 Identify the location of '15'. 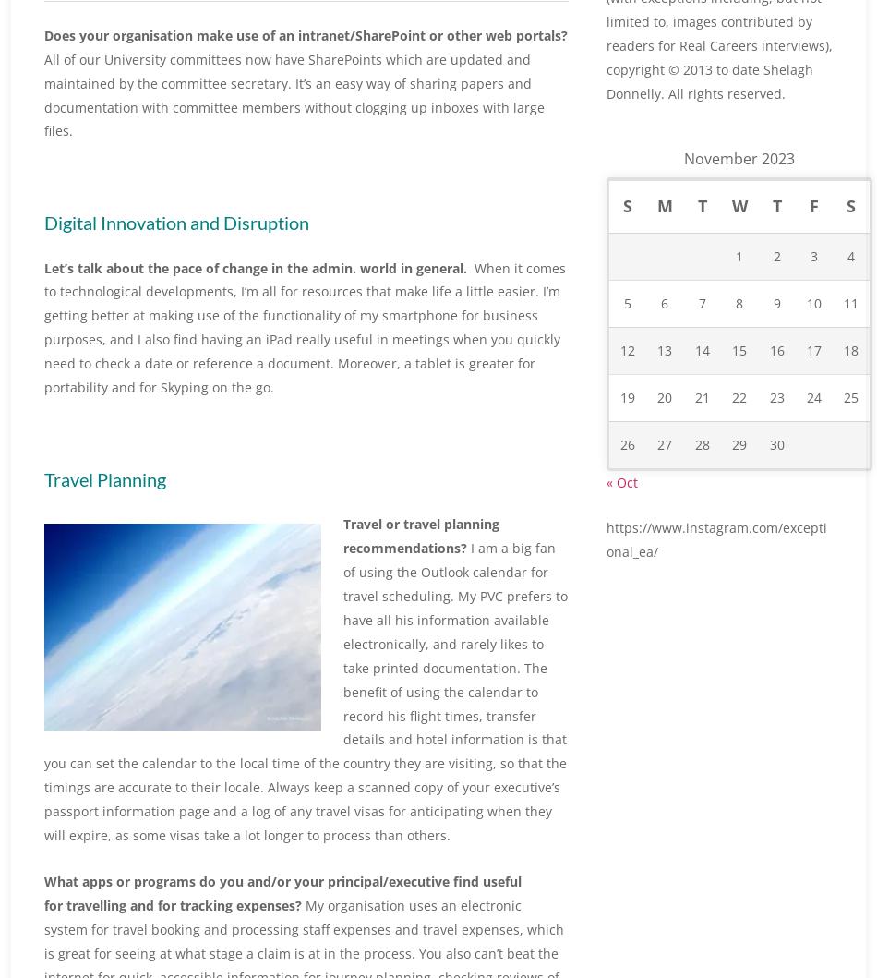
(739, 390).